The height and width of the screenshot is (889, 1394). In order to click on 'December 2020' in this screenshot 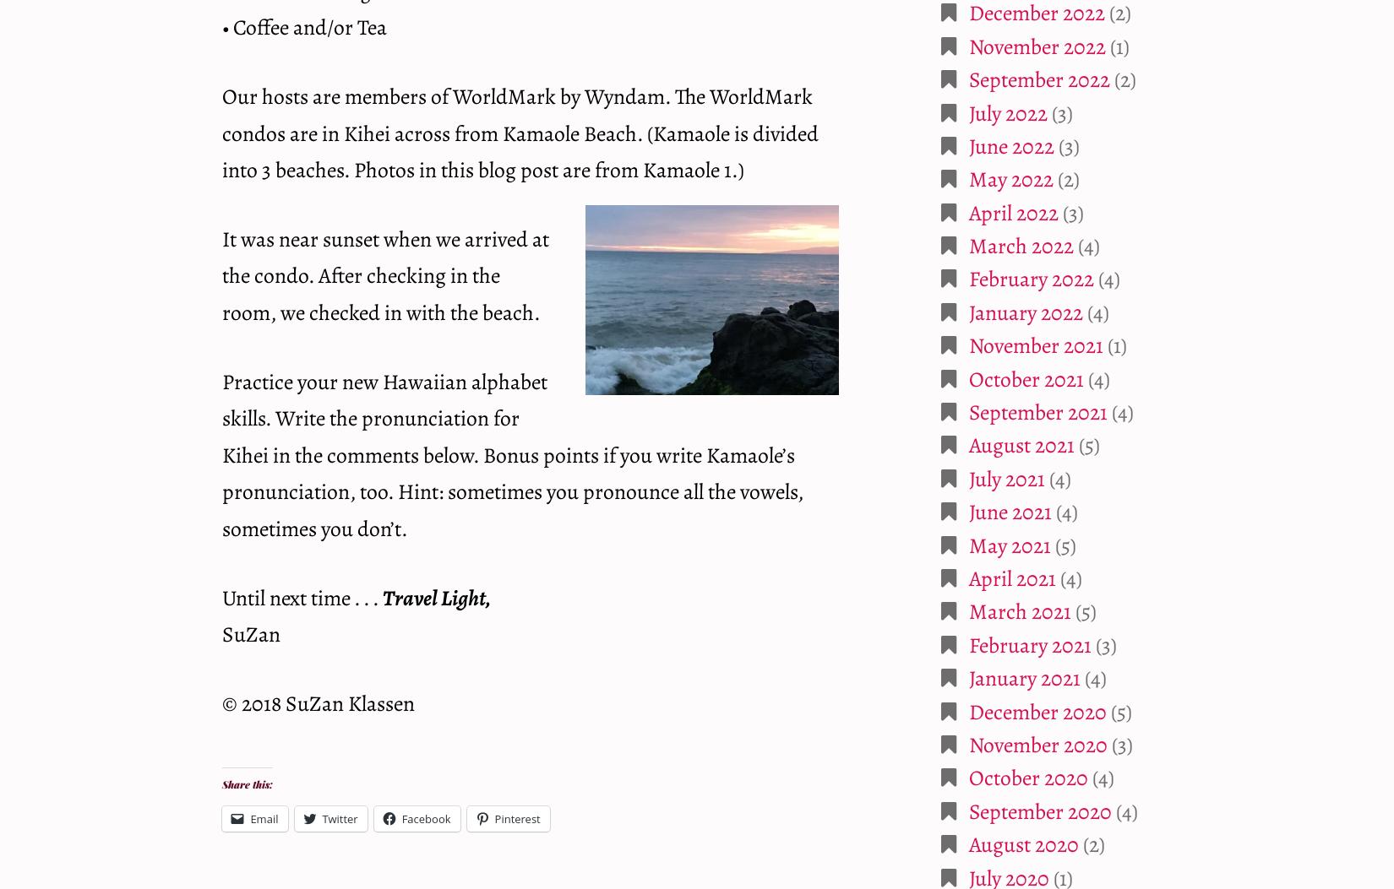, I will do `click(1037, 710)`.